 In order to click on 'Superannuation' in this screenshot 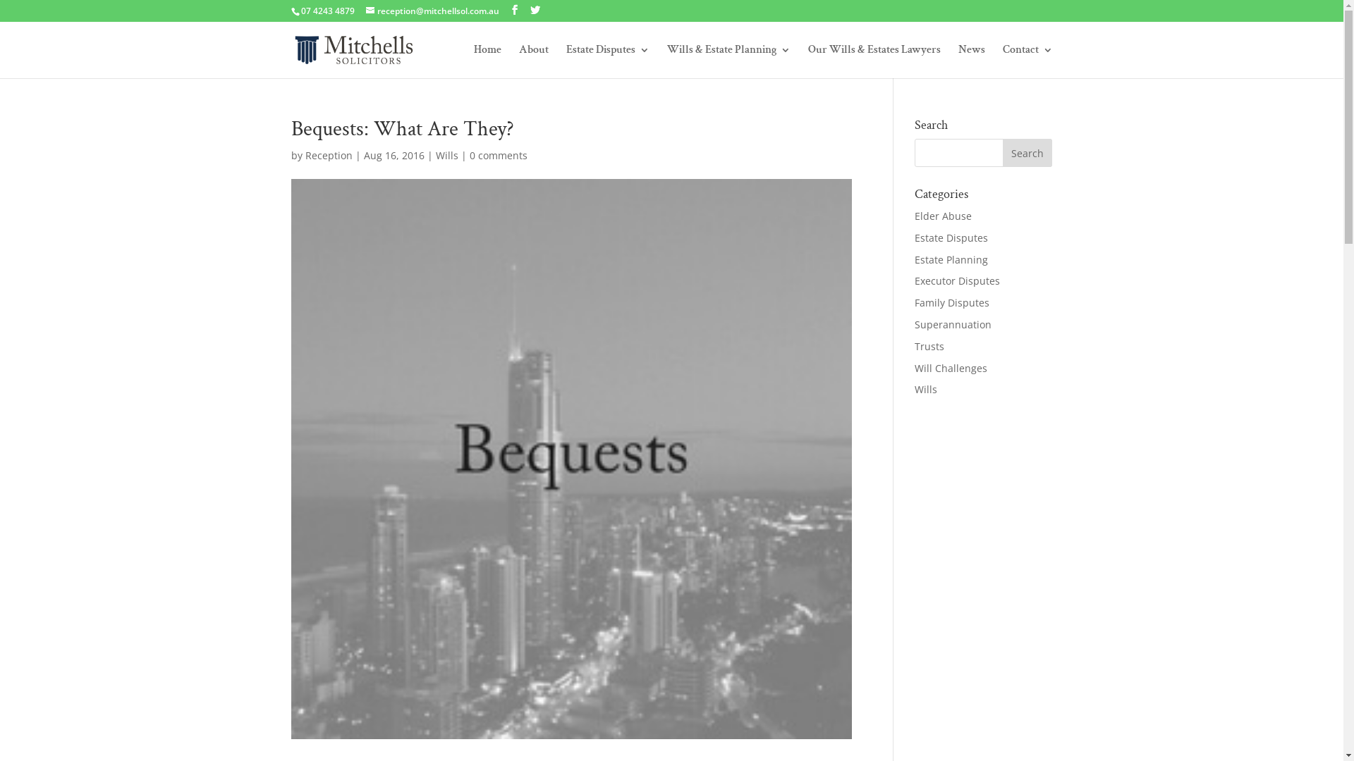, I will do `click(914, 324)`.